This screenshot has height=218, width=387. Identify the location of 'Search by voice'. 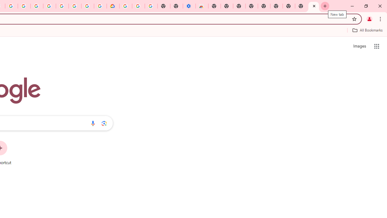
(93, 123).